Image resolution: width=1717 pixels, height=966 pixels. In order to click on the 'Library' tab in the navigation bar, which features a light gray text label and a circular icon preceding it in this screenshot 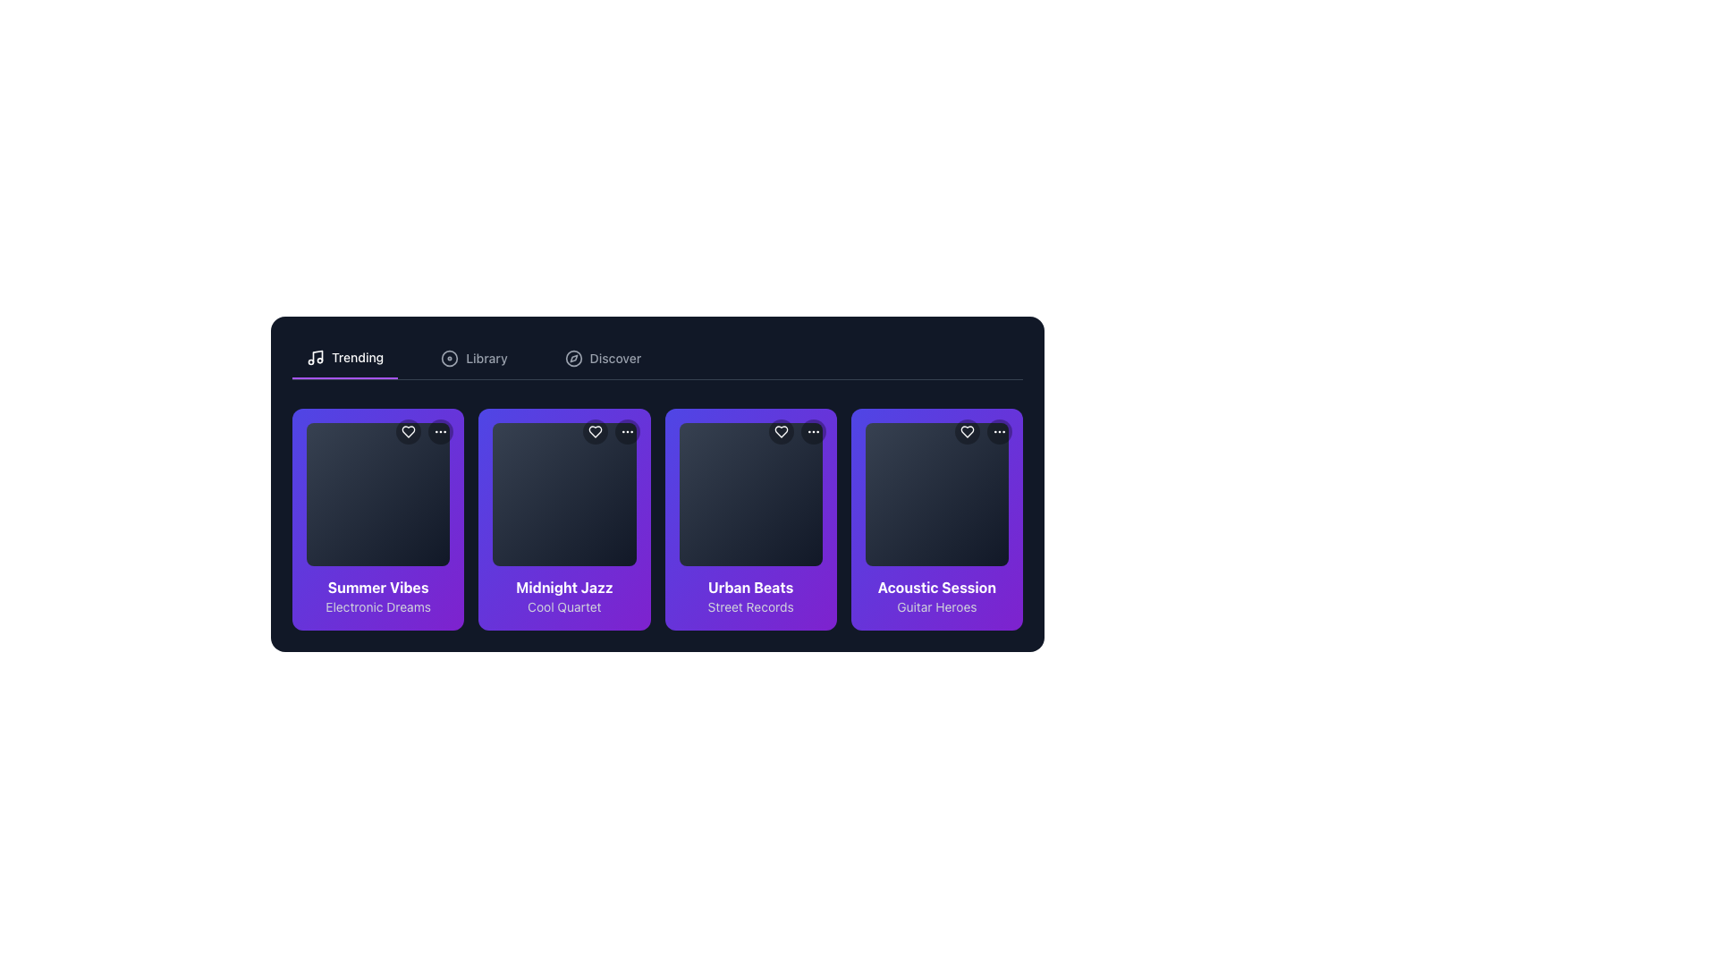, I will do `click(474, 359)`.